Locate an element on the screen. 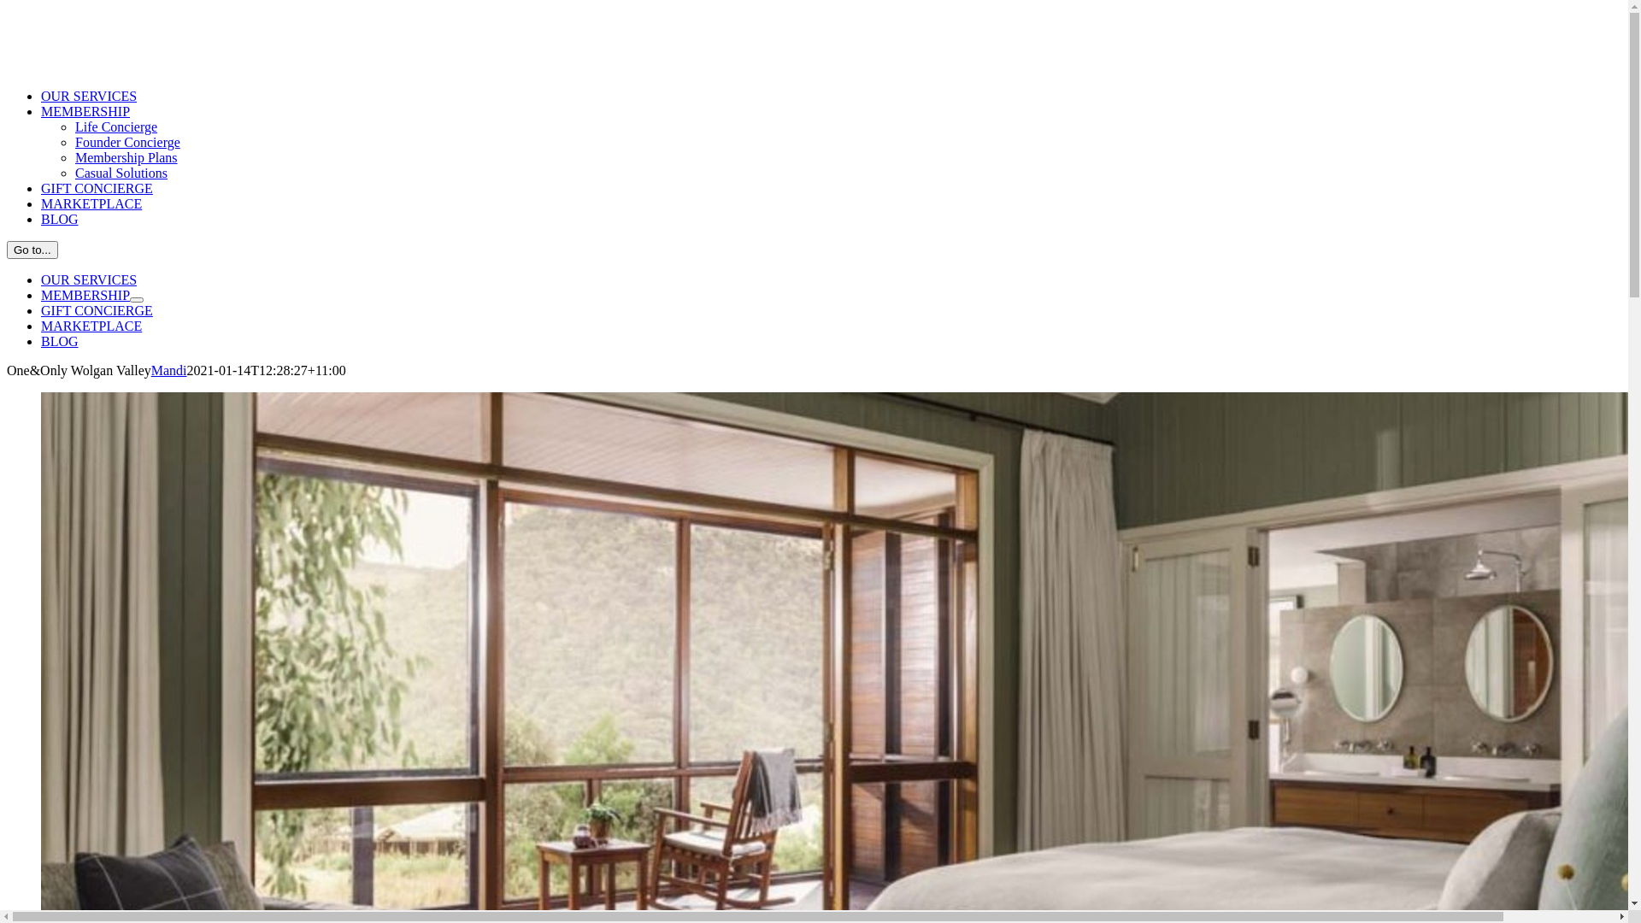 The height and width of the screenshot is (923, 1641). 'Skip to content' is located at coordinates (6, 6).